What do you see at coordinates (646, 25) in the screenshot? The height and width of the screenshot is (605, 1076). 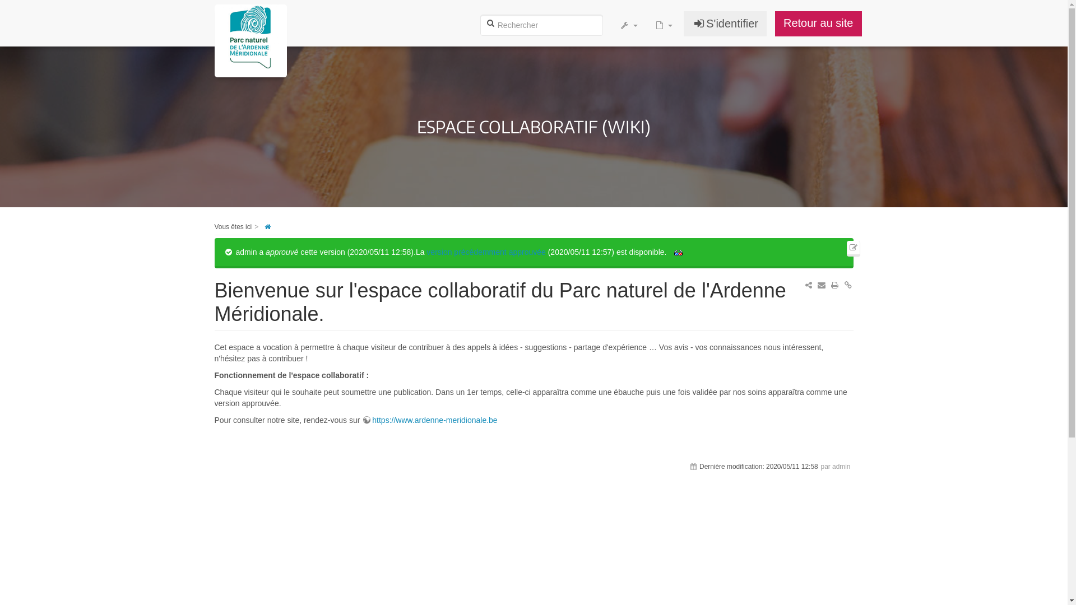 I see `'Ajouter une nouvelle page'` at bounding box center [646, 25].